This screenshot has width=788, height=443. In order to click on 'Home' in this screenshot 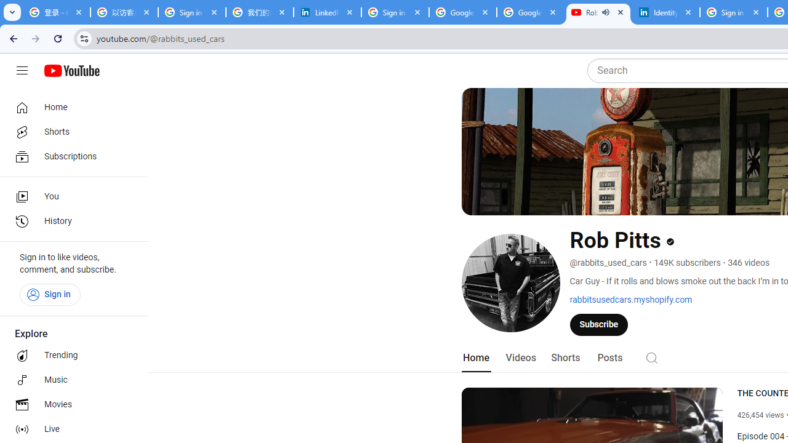, I will do `click(69, 106)`.